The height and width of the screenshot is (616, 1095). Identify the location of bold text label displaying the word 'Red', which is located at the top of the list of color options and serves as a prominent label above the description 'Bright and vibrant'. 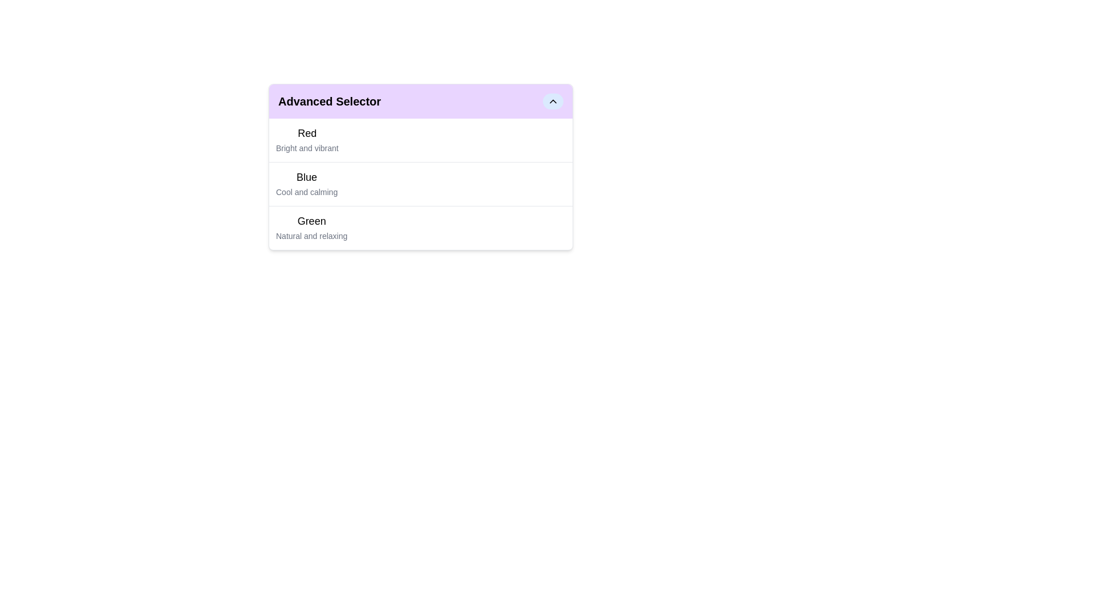
(307, 133).